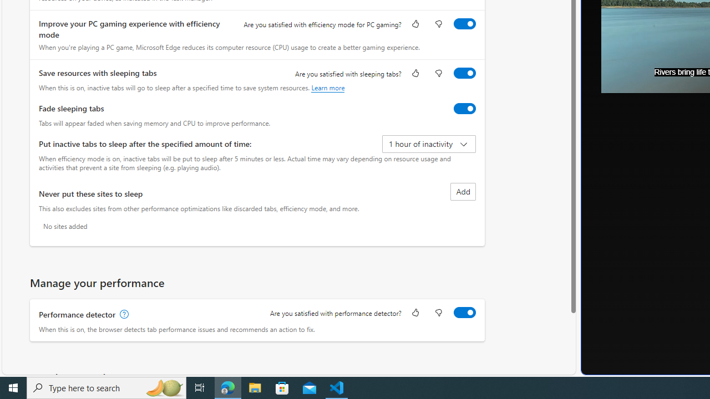  What do you see at coordinates (123, 314) in the screenshot?
I see `'Performance detector, learn more'` at bounding box center [123, 314].